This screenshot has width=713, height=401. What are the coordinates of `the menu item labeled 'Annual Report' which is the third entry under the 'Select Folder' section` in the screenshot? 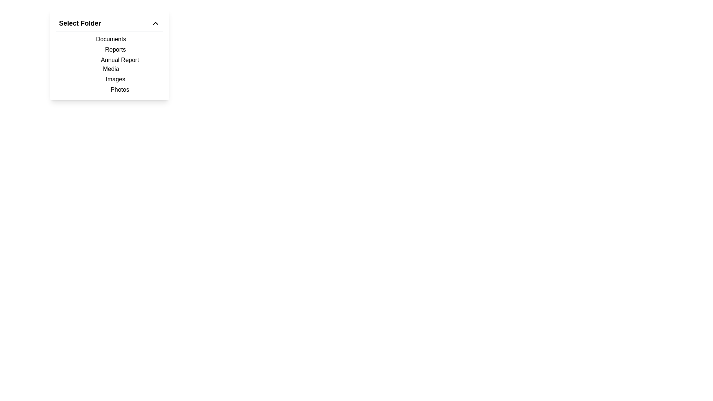 It's located at (109, 62).